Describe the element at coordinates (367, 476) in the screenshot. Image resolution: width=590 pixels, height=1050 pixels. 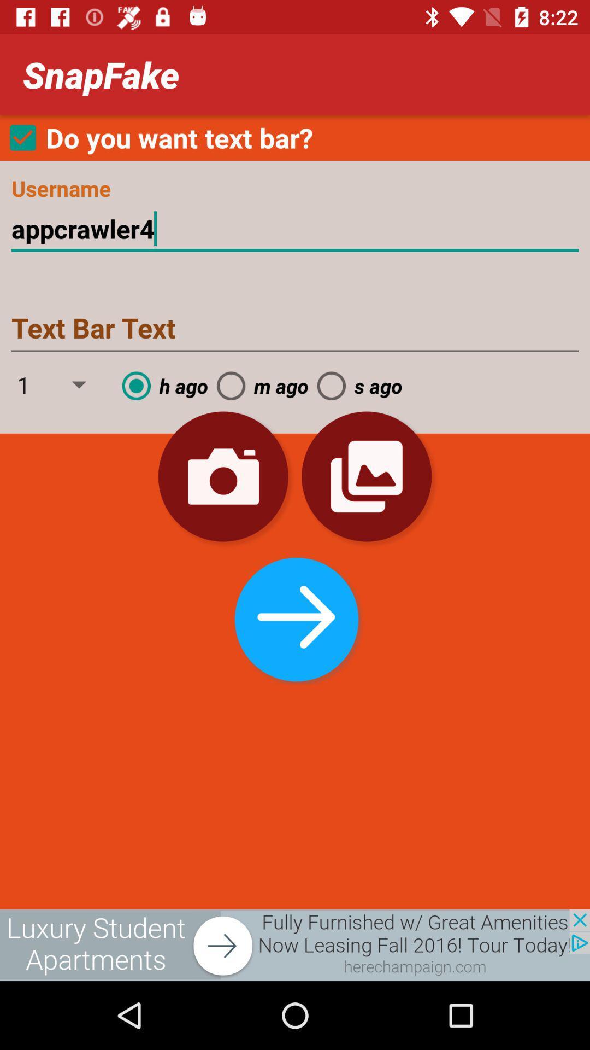
I see `choose from gallery` at that location.